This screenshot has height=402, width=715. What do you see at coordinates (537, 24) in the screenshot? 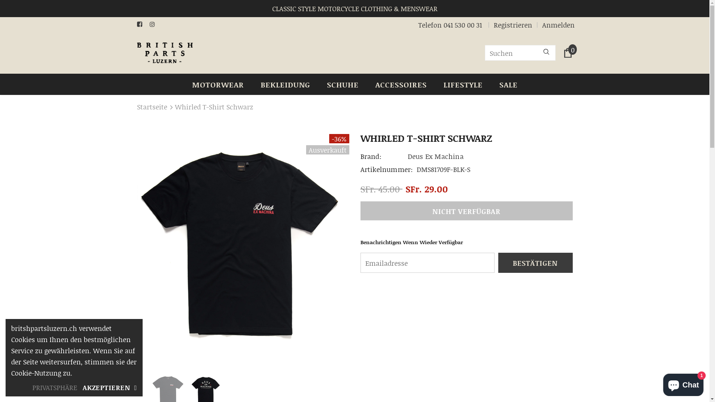
I see `'Anmelden'` at bounding box center [537, 24].